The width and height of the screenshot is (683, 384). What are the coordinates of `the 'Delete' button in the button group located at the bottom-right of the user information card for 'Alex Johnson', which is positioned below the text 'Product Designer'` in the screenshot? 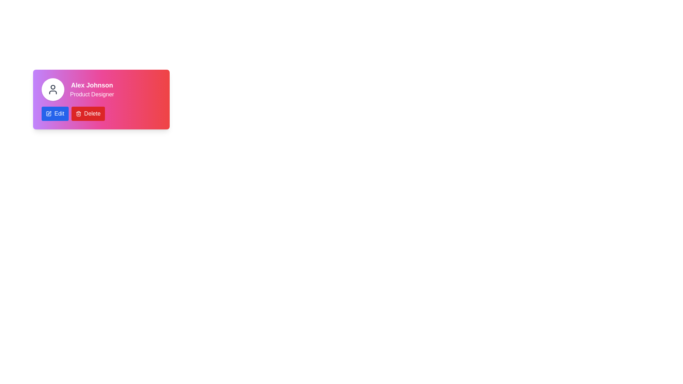 It's located at (101, 113).